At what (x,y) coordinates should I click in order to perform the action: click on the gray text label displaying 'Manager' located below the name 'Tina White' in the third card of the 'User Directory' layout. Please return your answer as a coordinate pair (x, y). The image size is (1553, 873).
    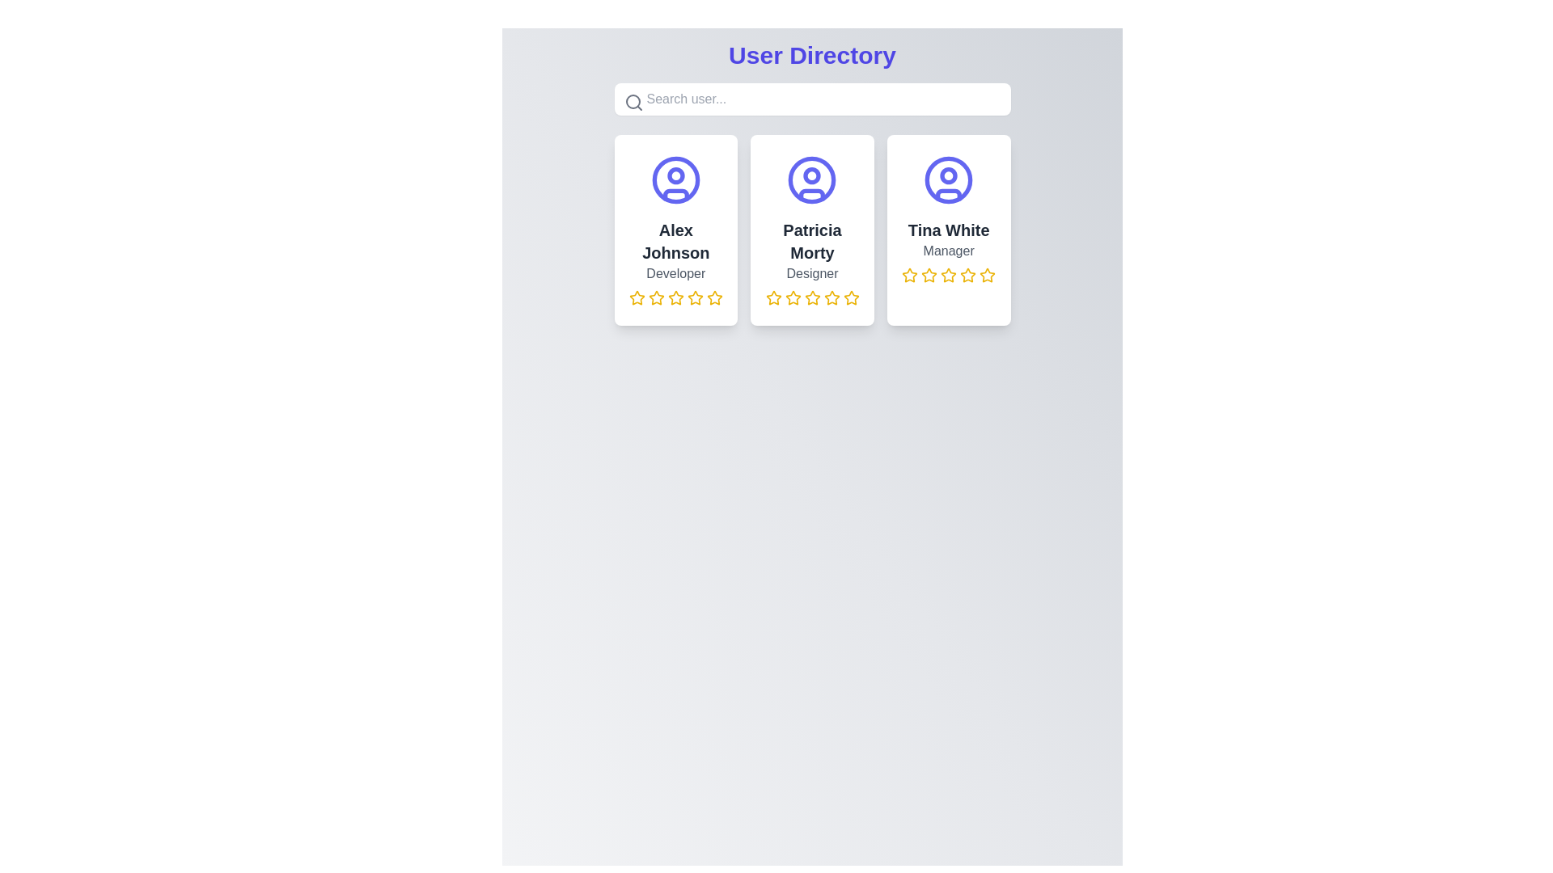
    Looking at the image, I should click on (949, 251).